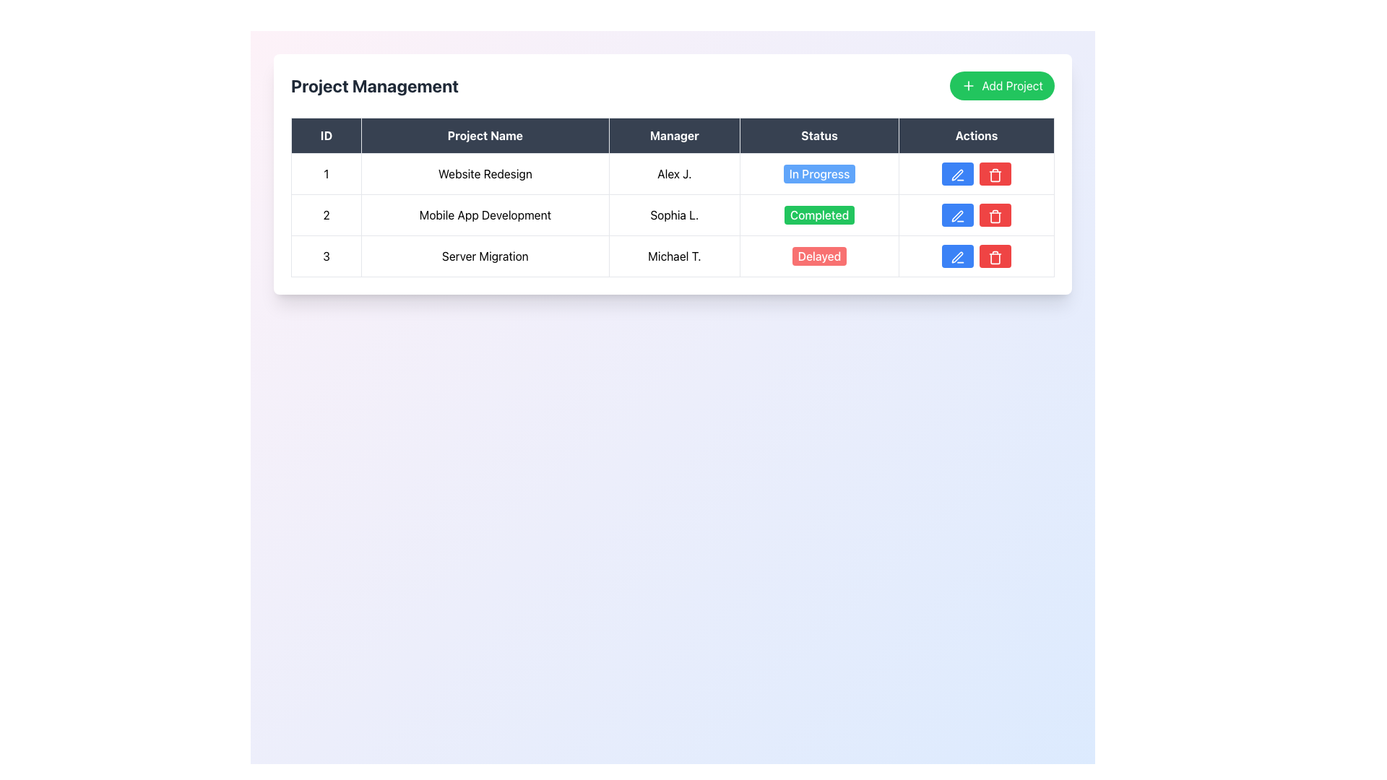 This screenshot has width=1387, height=780. I want to click on the delete button located in the second position of the 'Actions' column in the third row of the table for 'Server Migration', so click(994, 255).